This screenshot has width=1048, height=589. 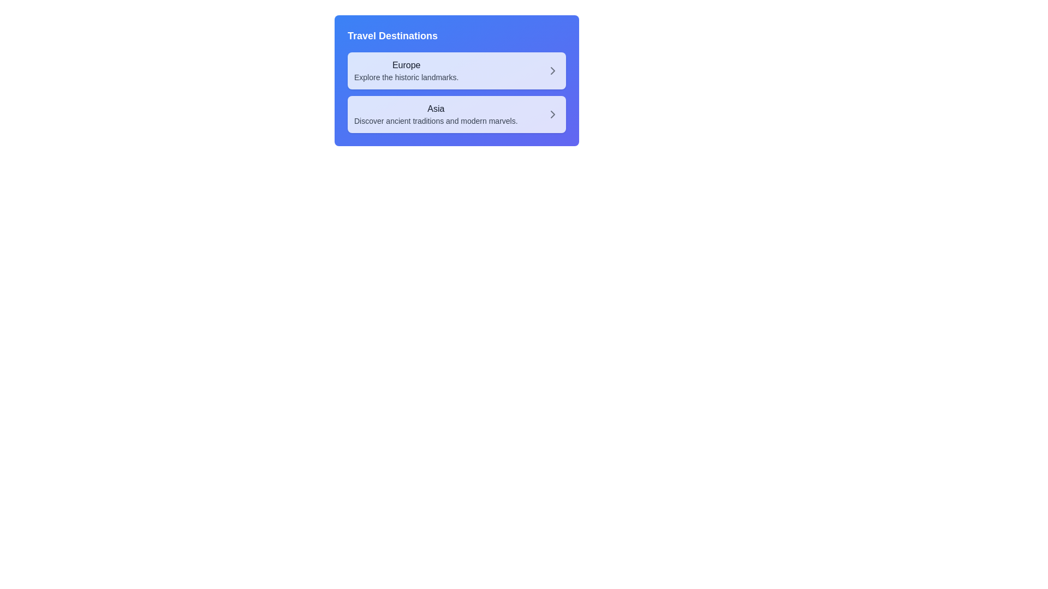 What do you see at coordinates (552, 71) in the screenshot?
I see `the right-facing chevron icon in the 'Europe' section of the 'Travel Destinations' panel` at bounding box center [552, 71].